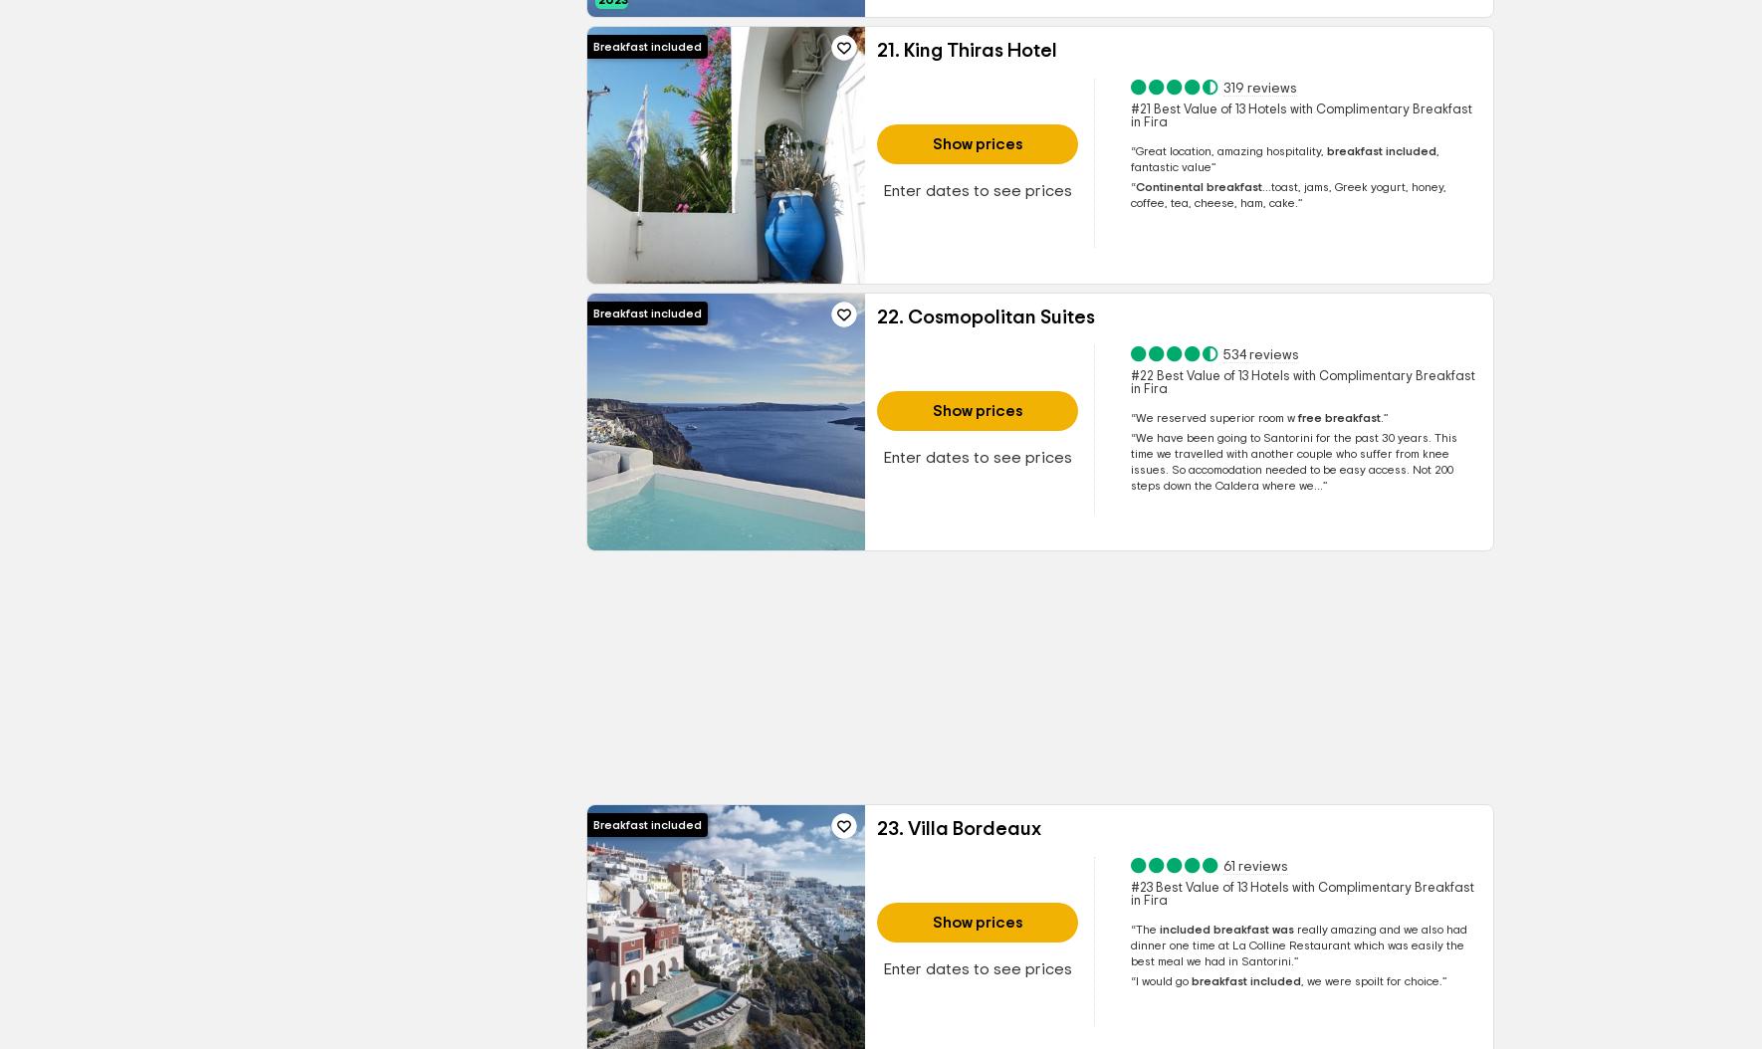  Describe the element at coordinates (1292, 461) in the screenshot. I see `'years. This time we travelled with another couple who suffer from knee issues. So accomodation needed to be easy access. Not 200 steps down the Caldera where we...'` at that location.